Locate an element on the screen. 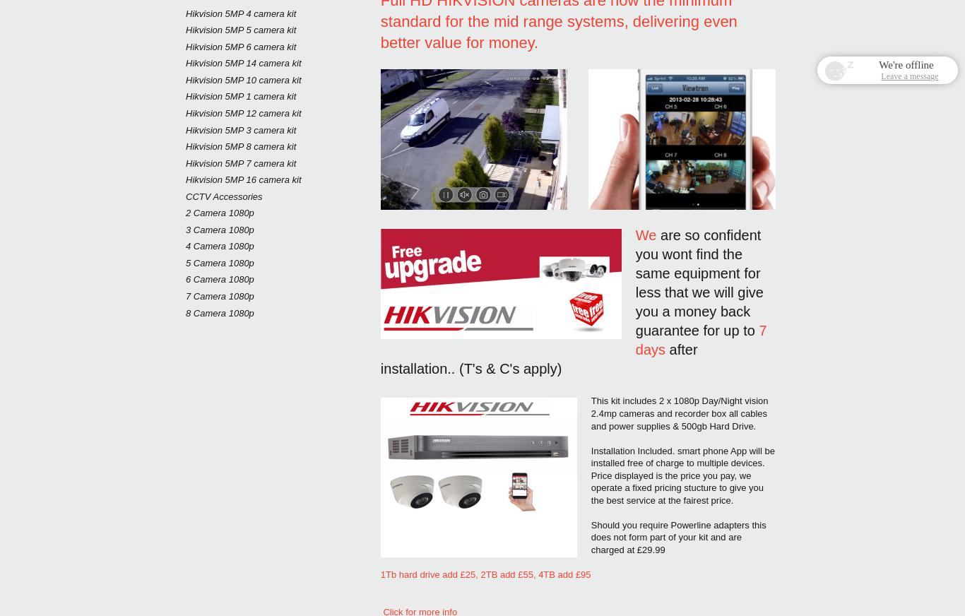 The width and height of the screenshot is (965, 616). 'We're offline' is located at coordinates (905, 64).